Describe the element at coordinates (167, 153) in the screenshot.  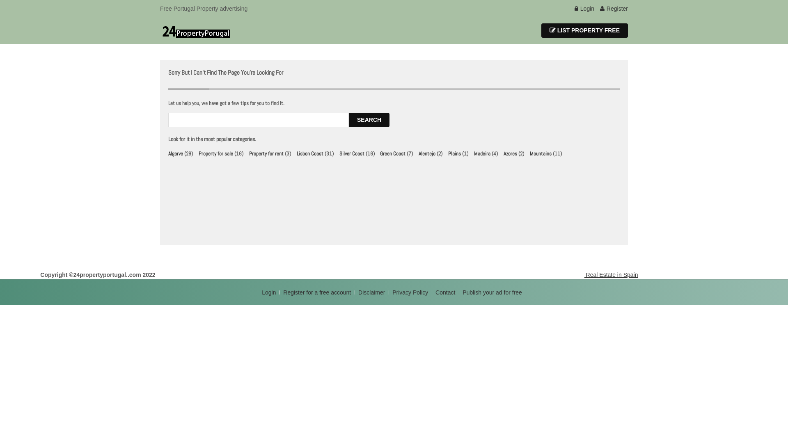
I see `'Algarve'` at that location.